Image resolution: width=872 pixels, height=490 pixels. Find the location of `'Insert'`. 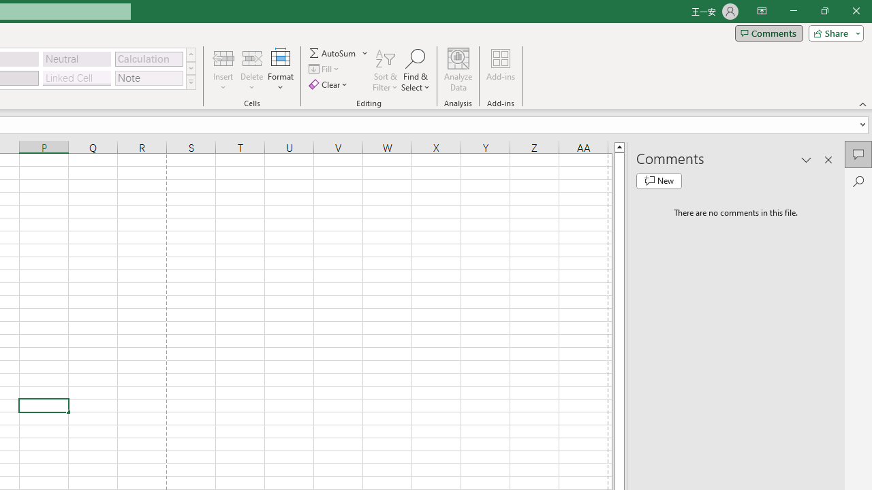

'Insert' is located at coordinates (223, 70).